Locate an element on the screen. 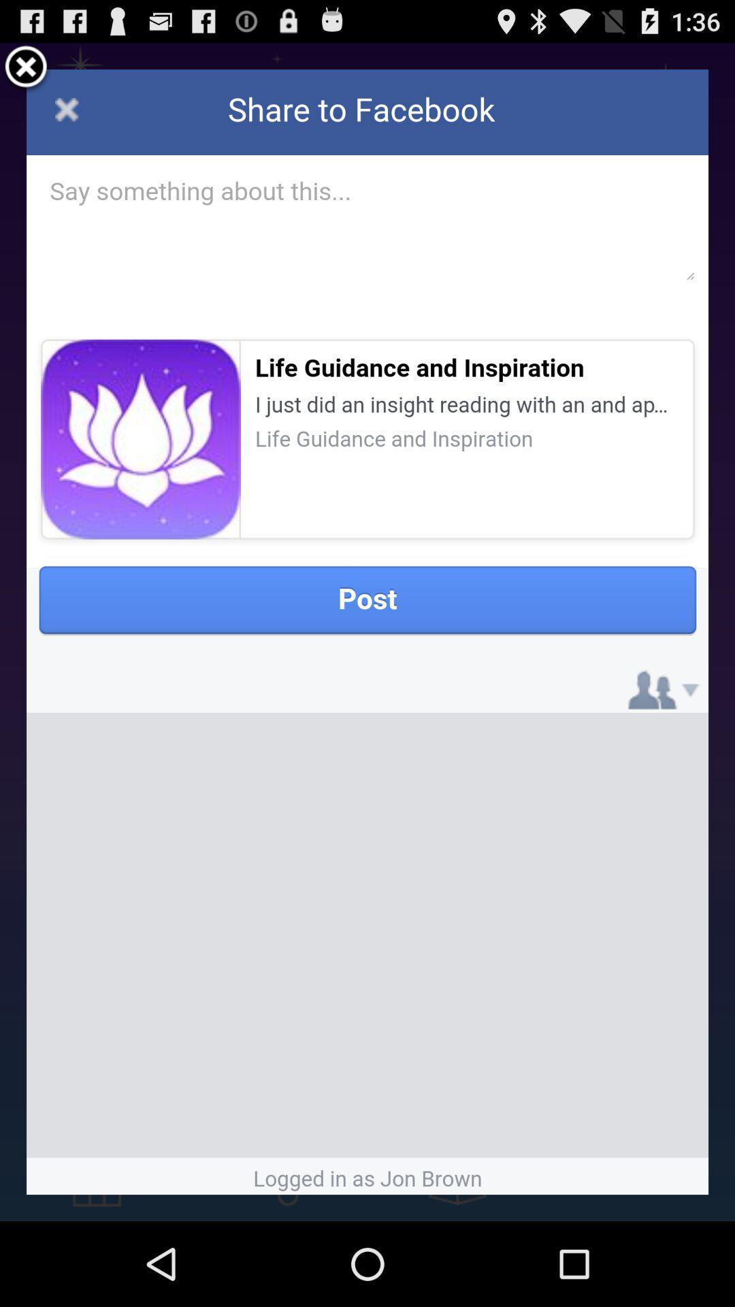  the icon at the center is located at coordinates (367, 631).